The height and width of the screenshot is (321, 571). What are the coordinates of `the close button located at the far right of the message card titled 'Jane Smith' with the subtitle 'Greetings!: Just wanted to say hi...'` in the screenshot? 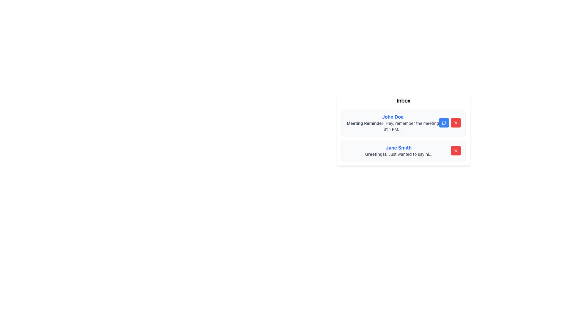 It's located at (455, 150).